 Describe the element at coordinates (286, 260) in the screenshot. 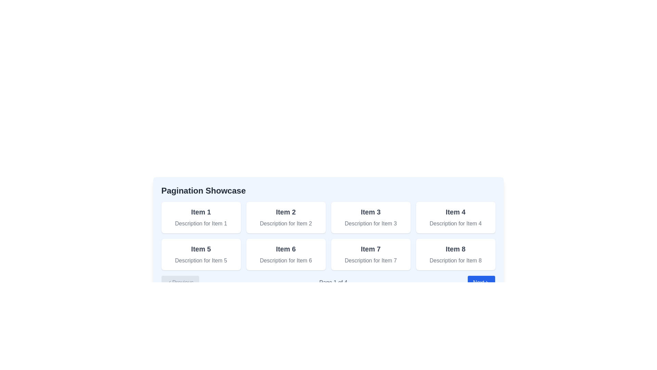

I see `the static text label reading 'Description for Item 6', which is styled in light gray and positioned below the title 'Item 6'` at that location.